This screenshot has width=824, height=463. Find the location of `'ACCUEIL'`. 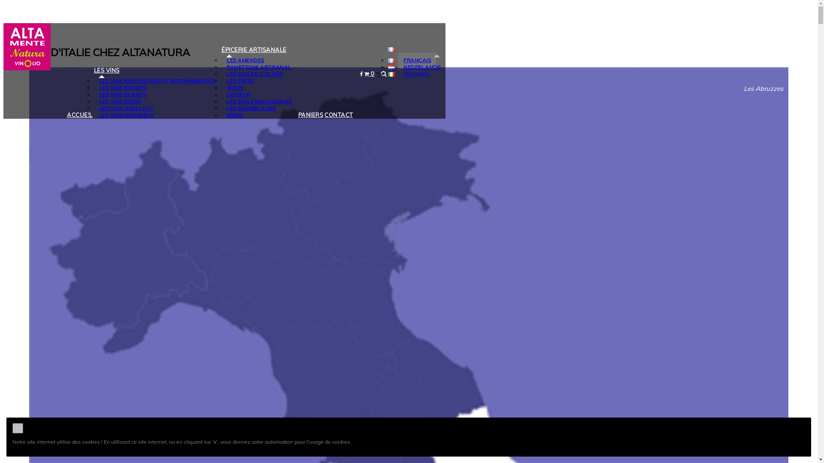

'ACCUEIL' is located at coordinates (80, 114).